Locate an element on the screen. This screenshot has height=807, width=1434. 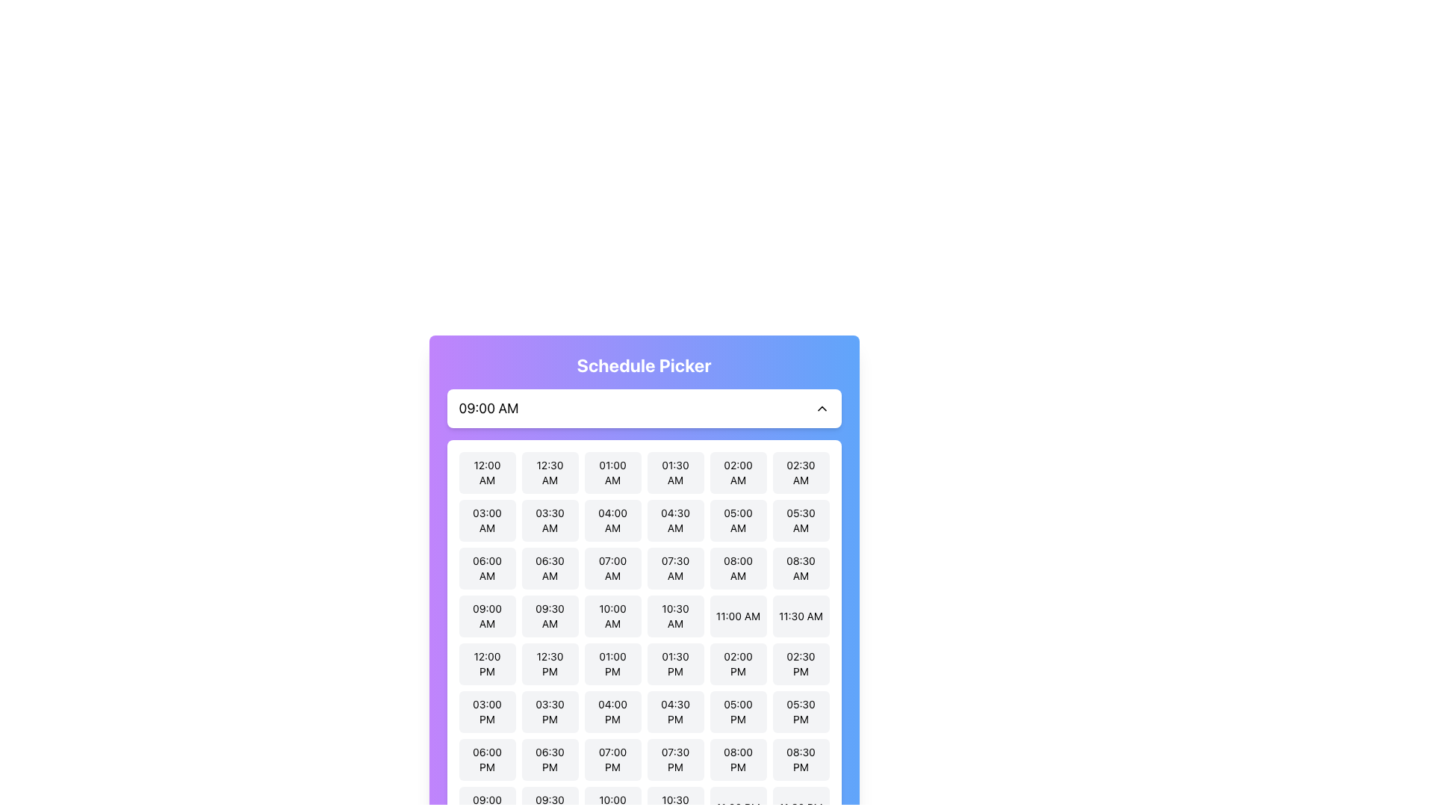
the Time slot button labeled '02:00 PM' is located at coordinates (738, 663).